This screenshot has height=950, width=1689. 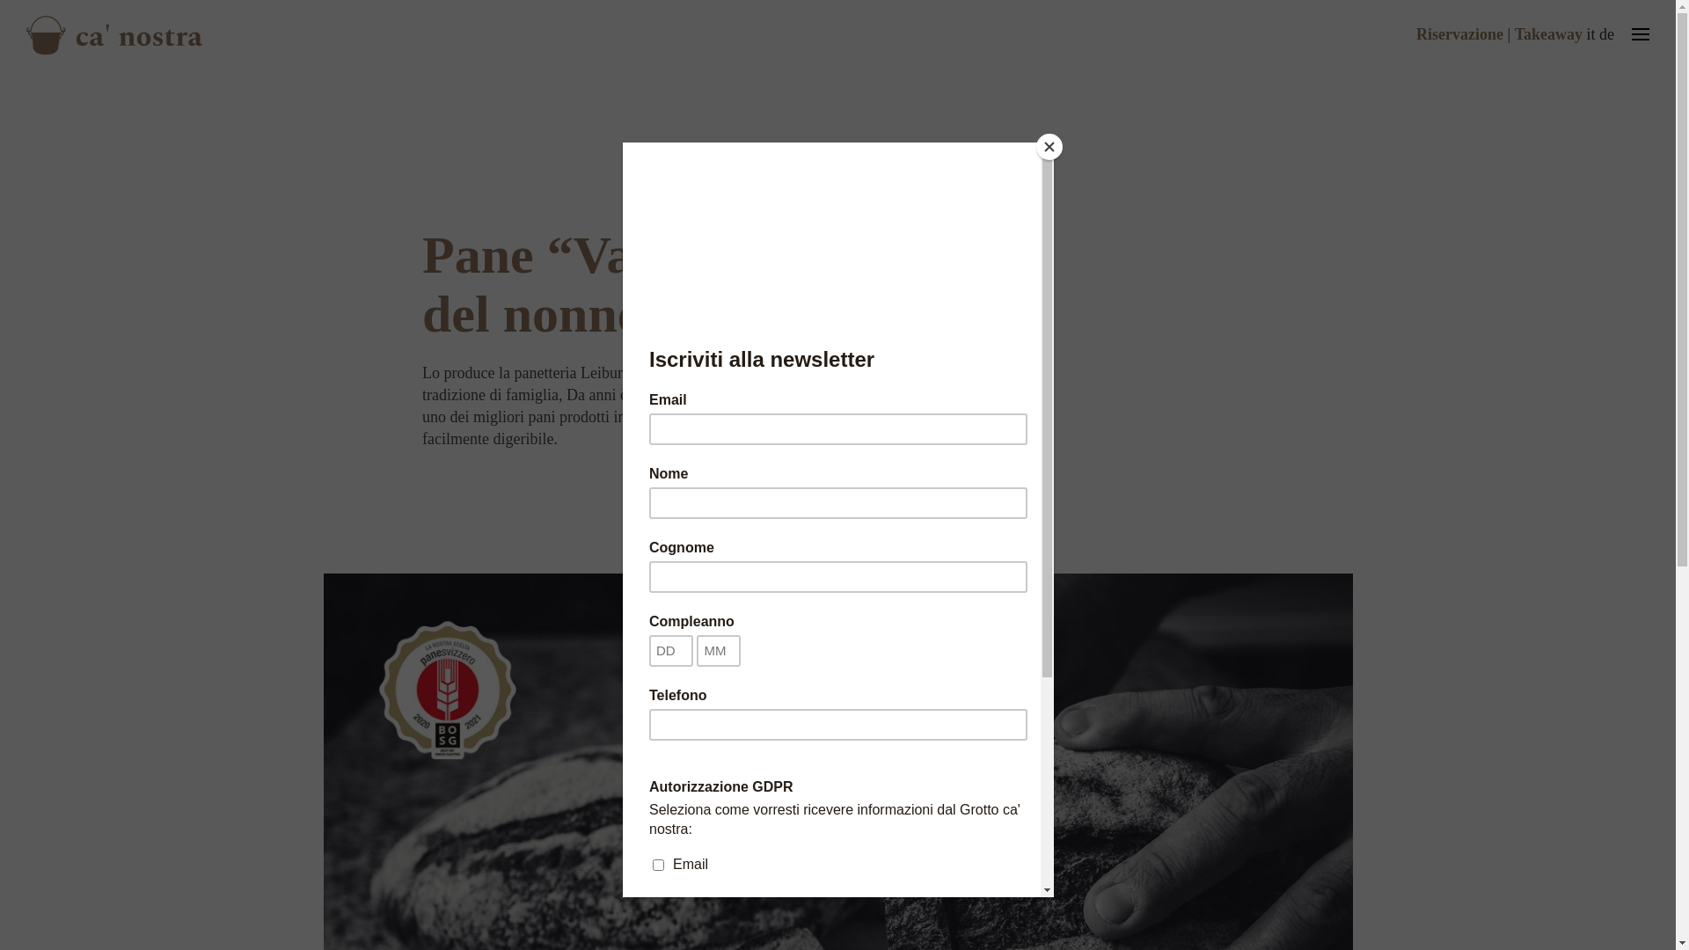 I want to click on 'it', so click(x=1590, y=33).